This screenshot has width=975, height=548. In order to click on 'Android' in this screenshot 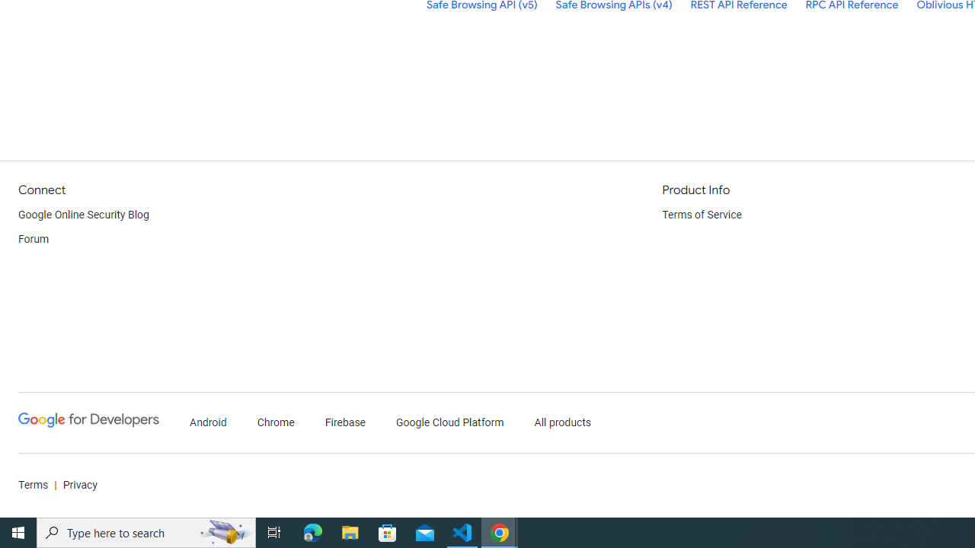, I will do `click(207, 422)`.